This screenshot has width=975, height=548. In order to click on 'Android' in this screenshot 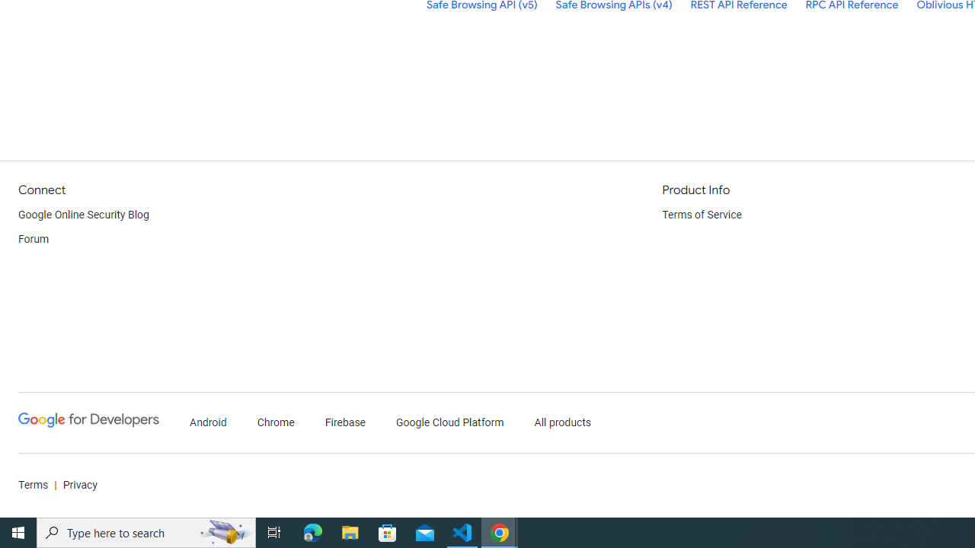, I will do `click(207, 422)`.